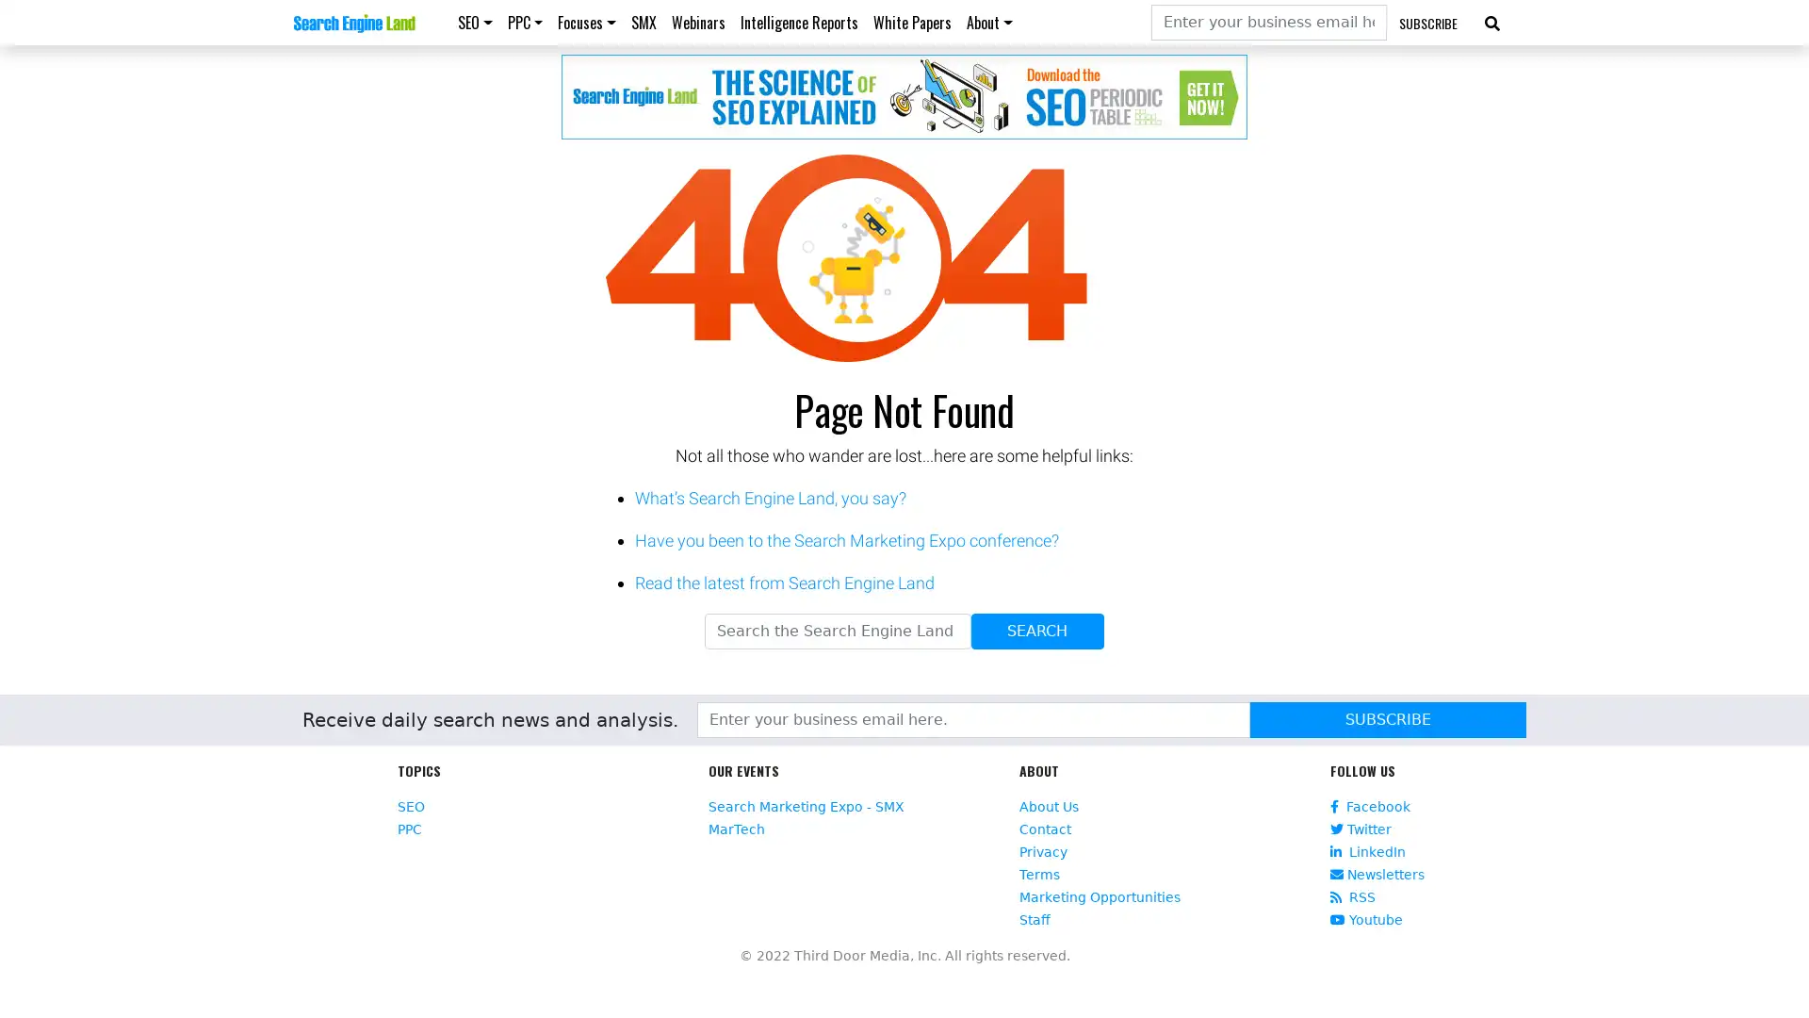  What do you see at coordinates (1428, 22) in the screenshot?
I see `SUBSCRIBE` at bounding box center [1428, 22].